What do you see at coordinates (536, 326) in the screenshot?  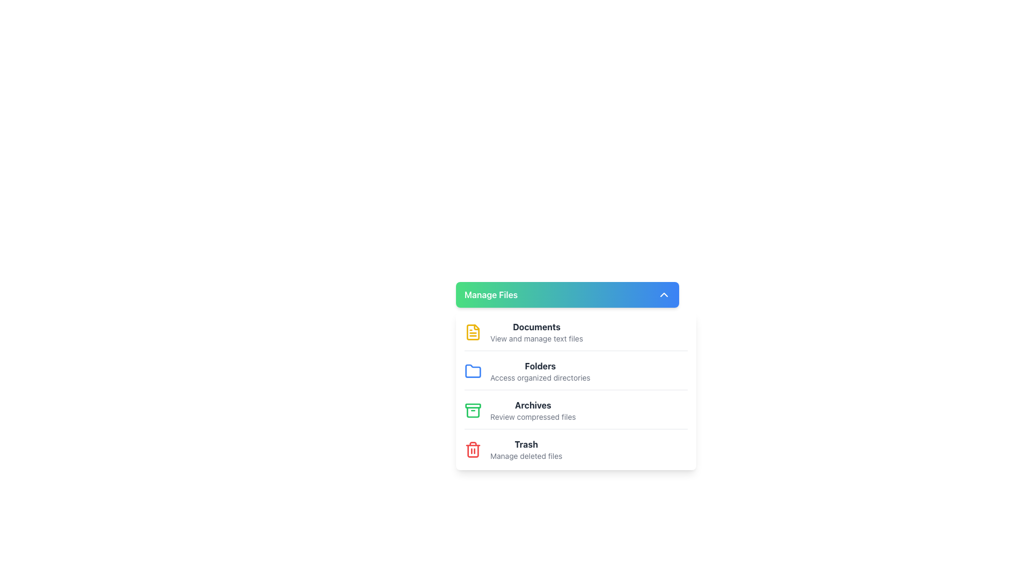 I see `the Text Label that identifies the first item in the file management options dropdown menu under 'Manage Files'` at bounding box center [536, 326].